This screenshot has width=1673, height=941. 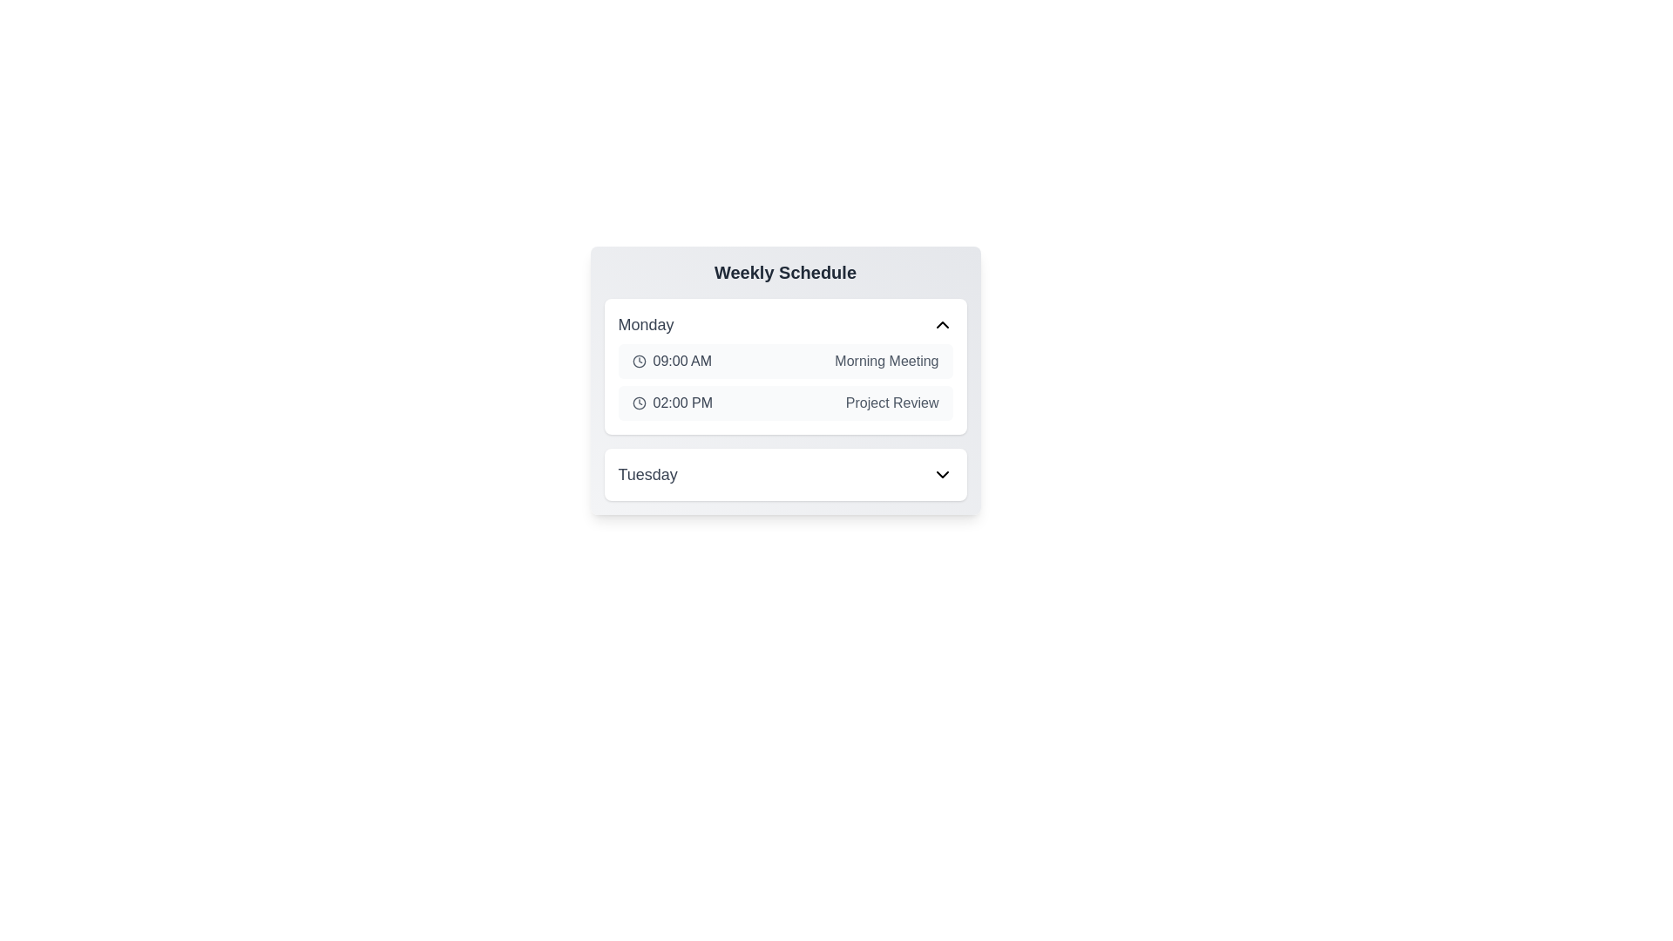 I want to click on the label displaying 'Project Review' located to the right of the '02:00 PM' timestamp in the 'Monday' section of the 'Weekly Schedule' card, so click(x=892, y=403).